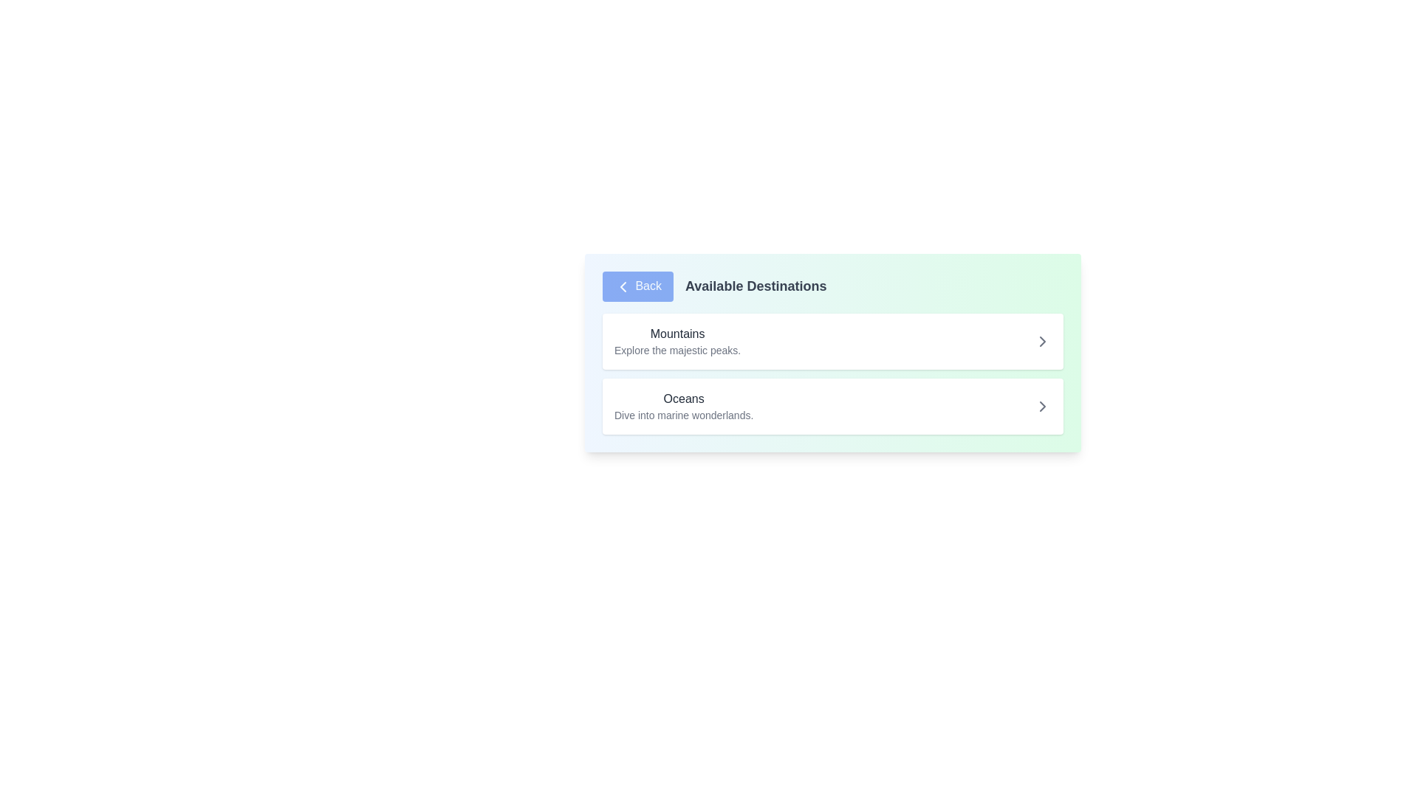  What do you see at coordinates (683, 415) in the screenshot?
I see `the descriptive Text Label that provides context for the 'Oceans' item, located towards the center-right of the interface` at bounding box center [683, 415].